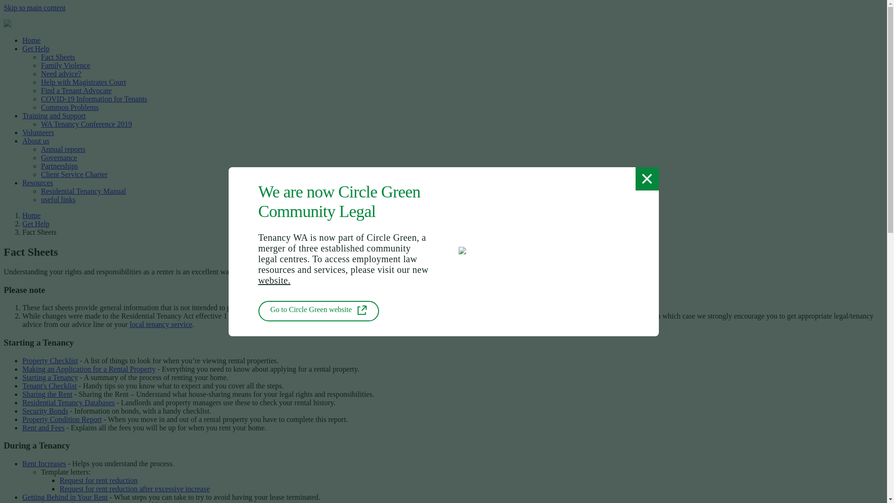  What do you see at coordinates (76, 90) in the screenshot?
I see `'Find a Tenant Advocate'` at bounding box center [76, 90].